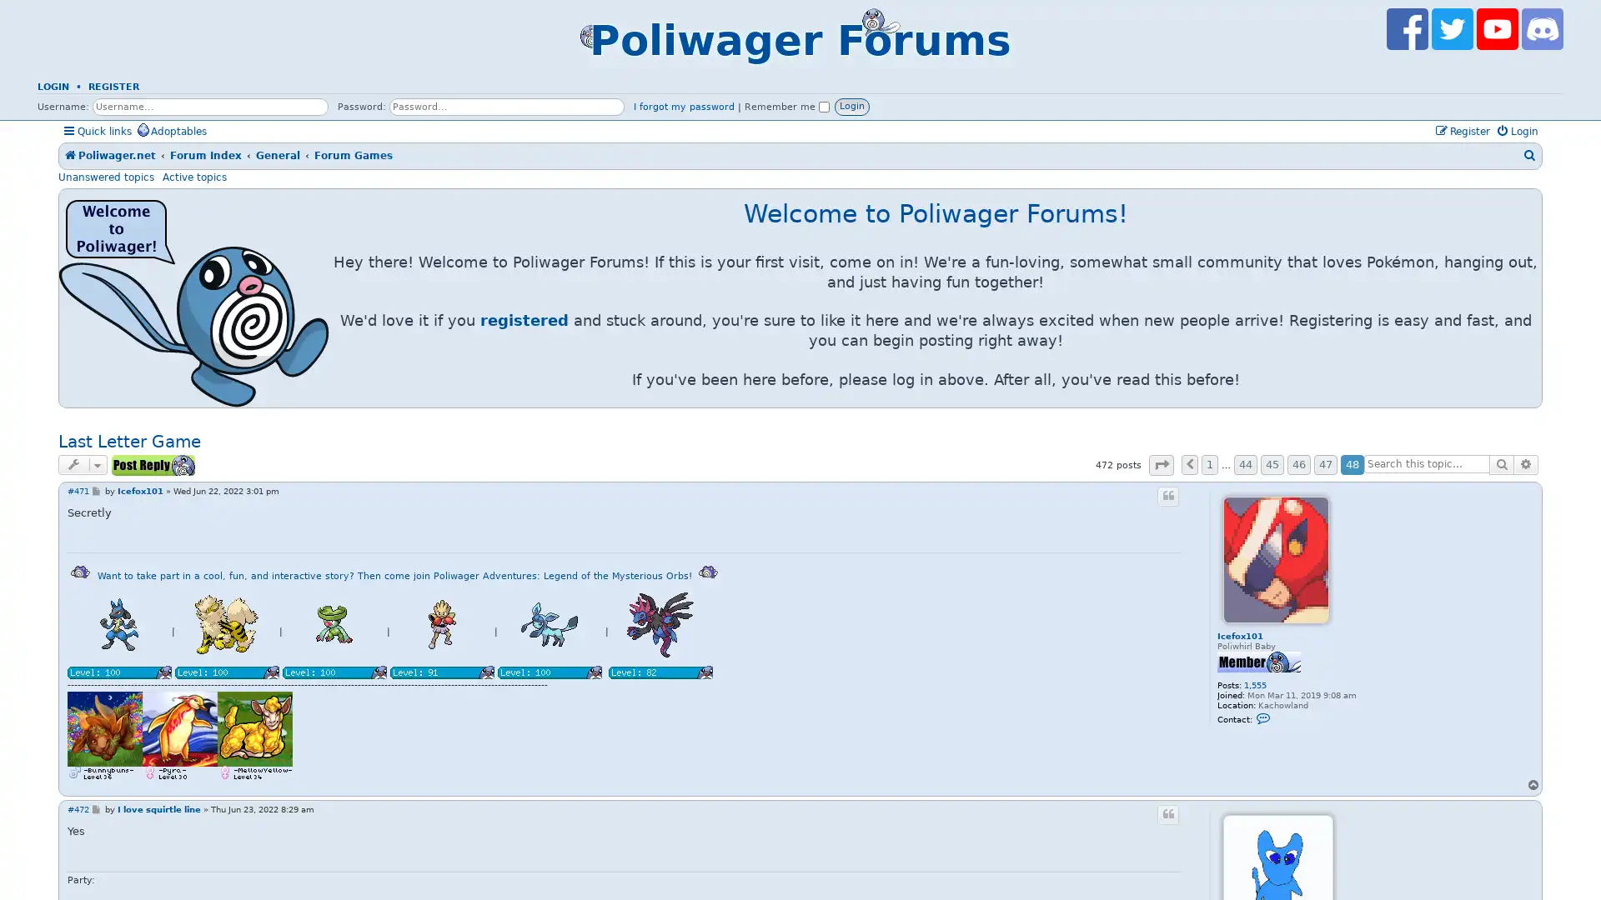 The image size is (1601, 900). I want to click on 1, so click(1209, 465).